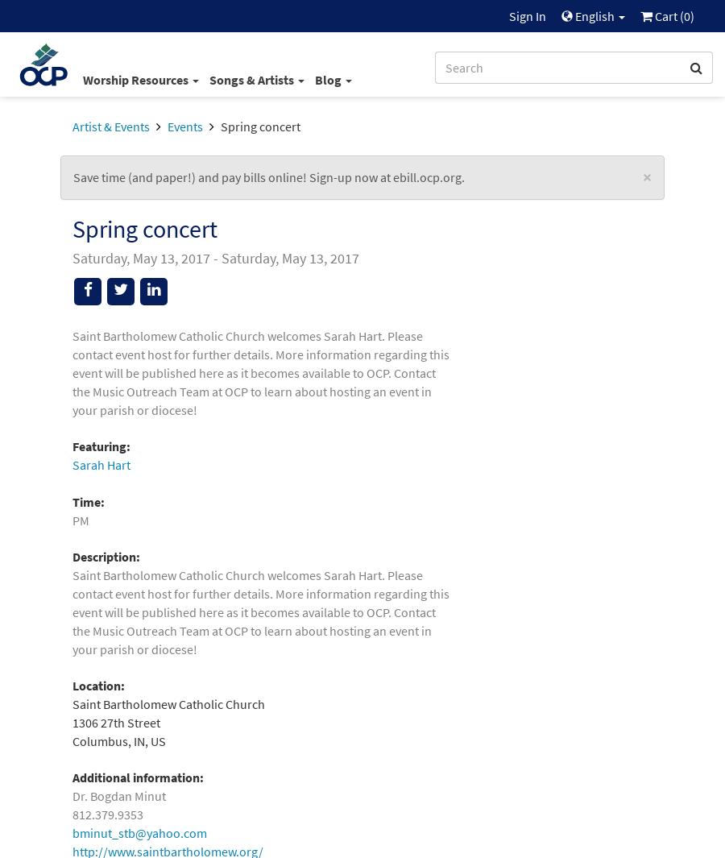 The width and height of the screenshot is (725, 858). What do you see at coordinates (110, 125) in the screenshot?
I see `'Artist & Events'` at bounding box center [110, 125].